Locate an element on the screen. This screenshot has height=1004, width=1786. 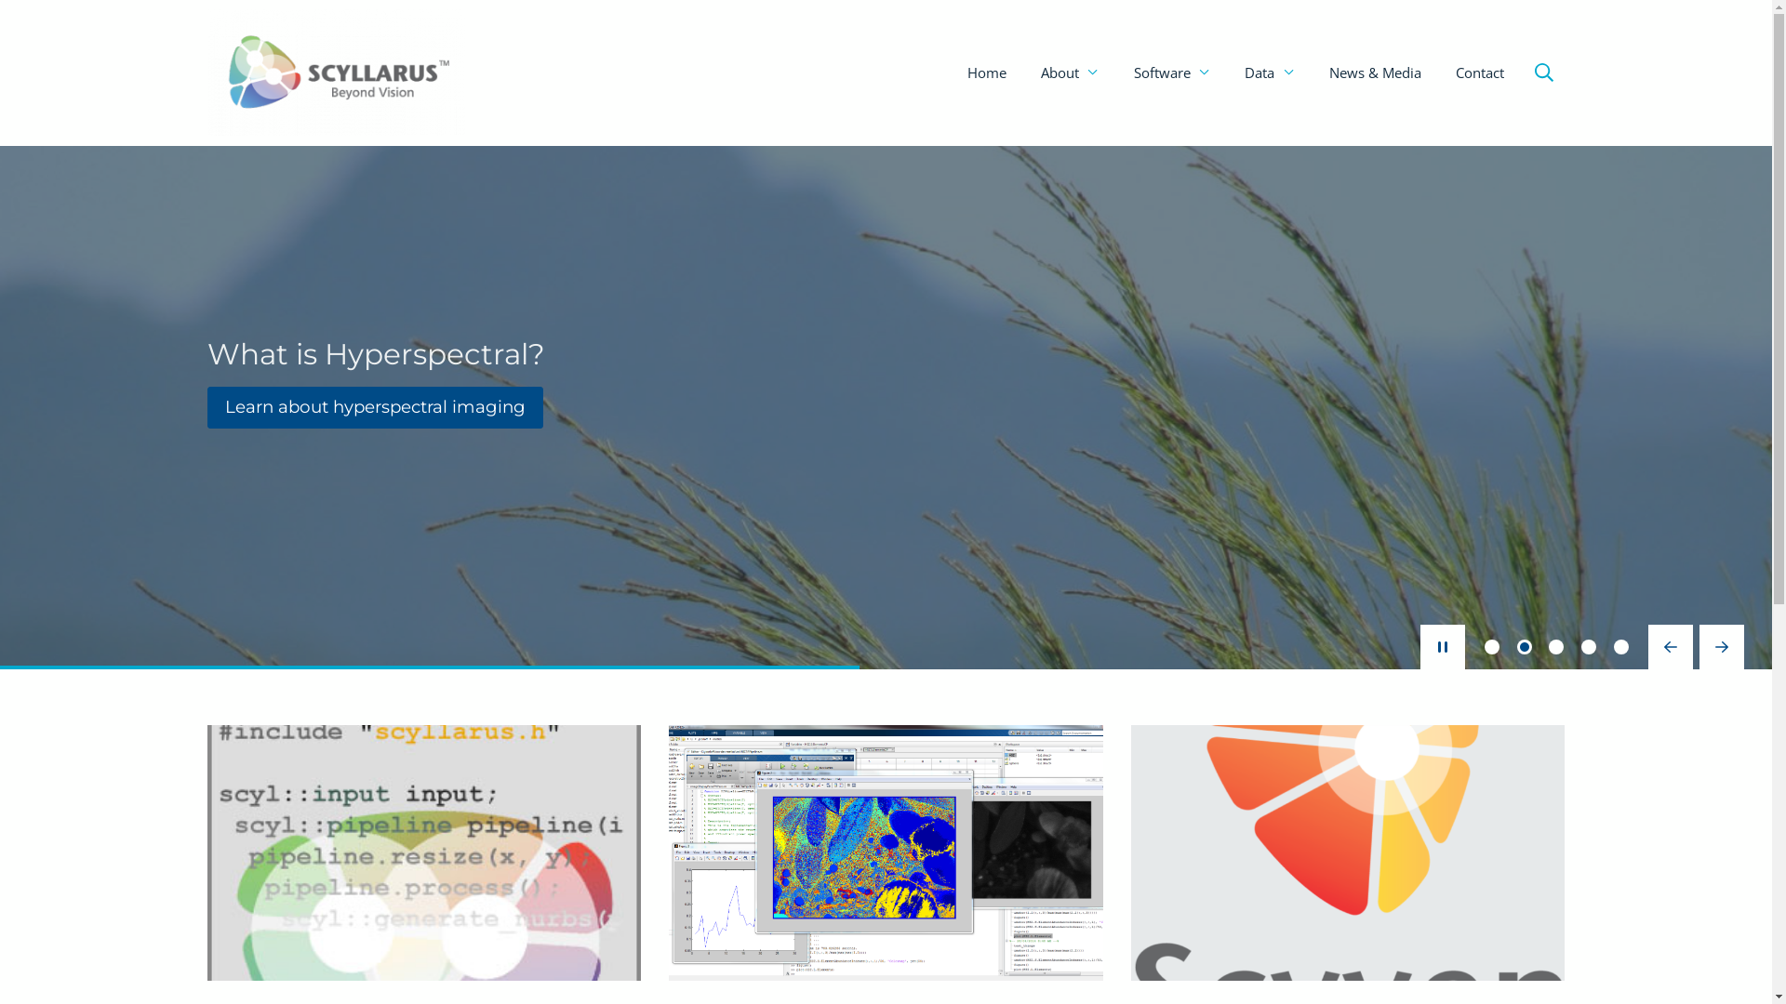
'Software' is located at coordinates (1171, 72).